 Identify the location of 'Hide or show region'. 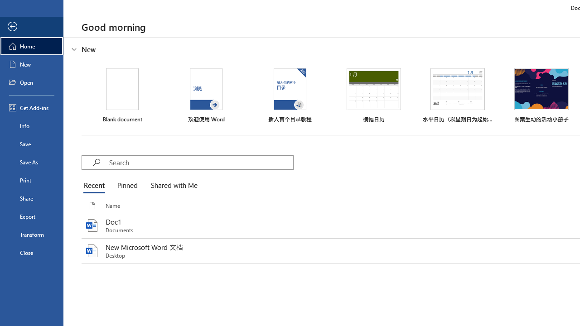
(74, 49).